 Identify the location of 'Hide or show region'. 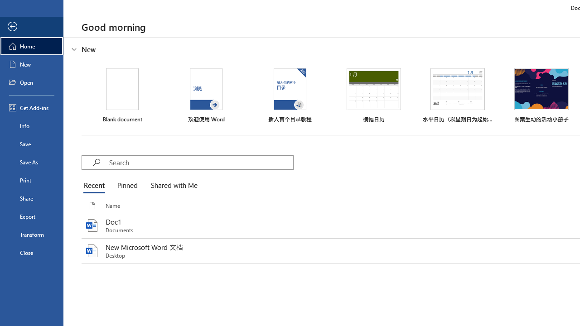
(74, 49).